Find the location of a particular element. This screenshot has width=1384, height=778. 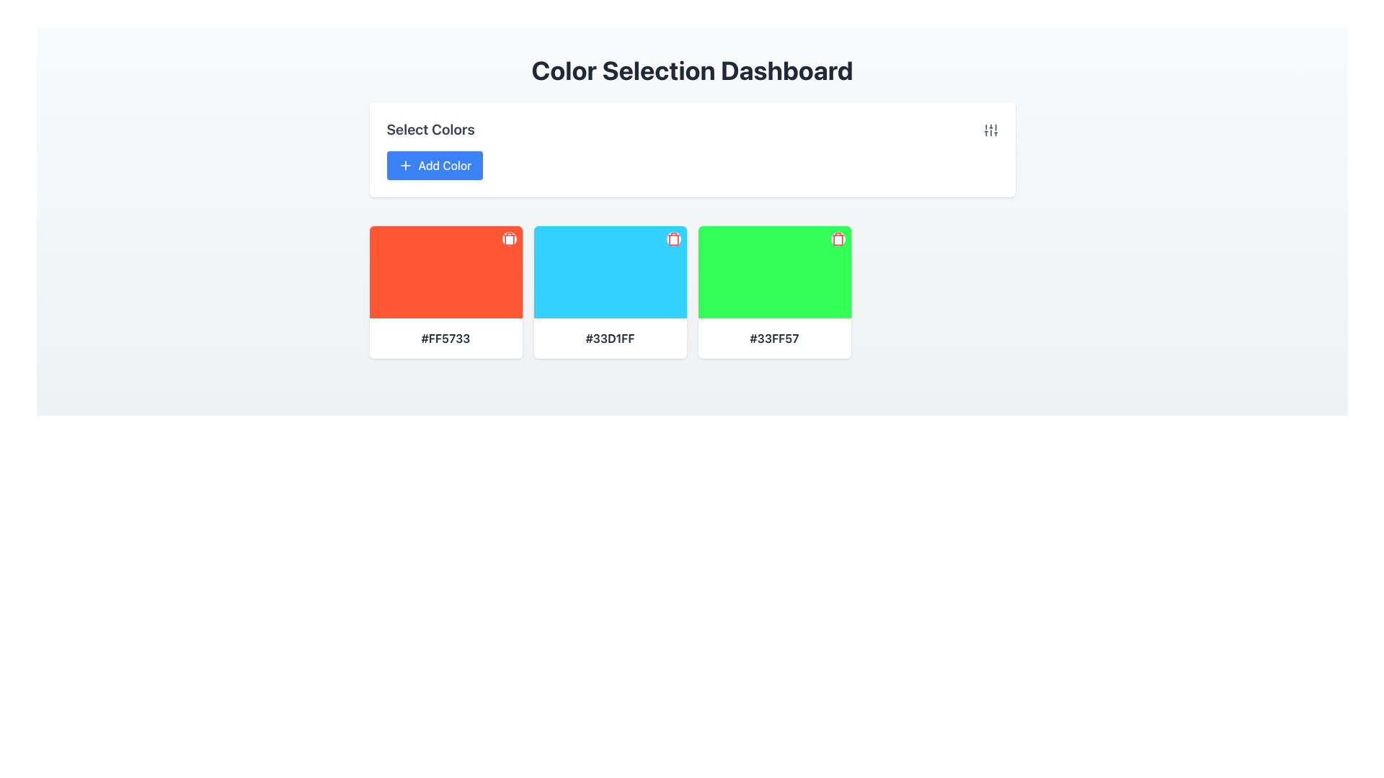

the addition icon located inside the 'Add Color' button is located at coordinates (404, 165).